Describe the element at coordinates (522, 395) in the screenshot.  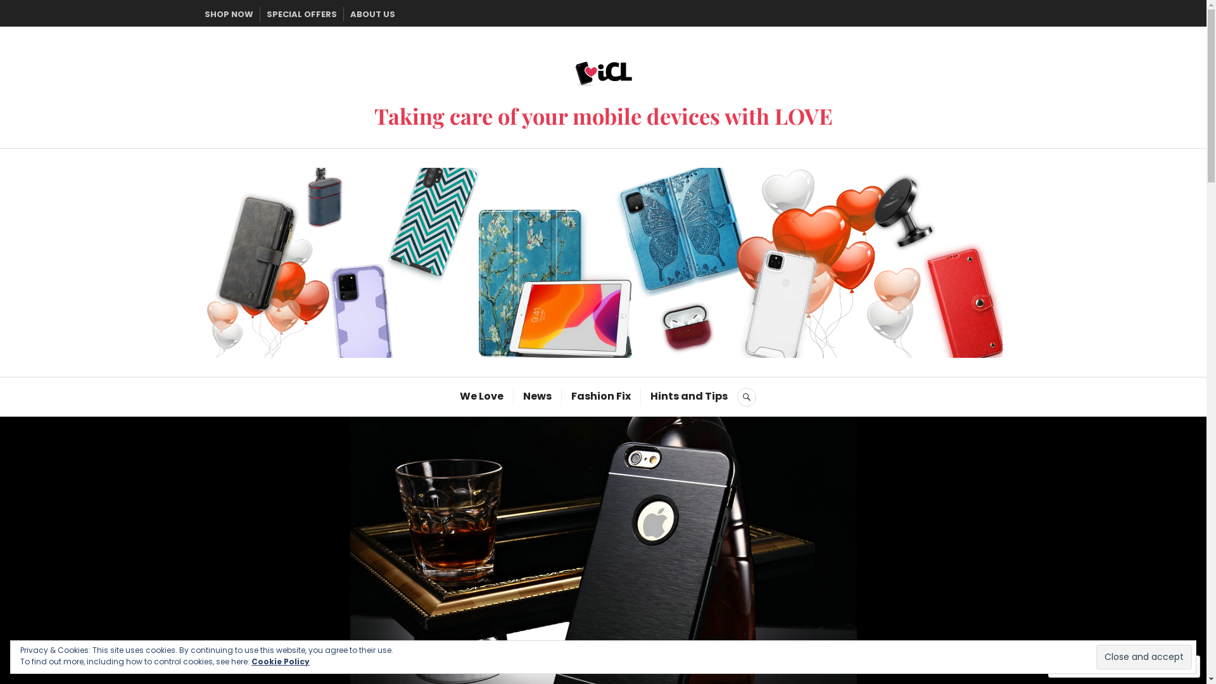
I see `'News'` at that location.